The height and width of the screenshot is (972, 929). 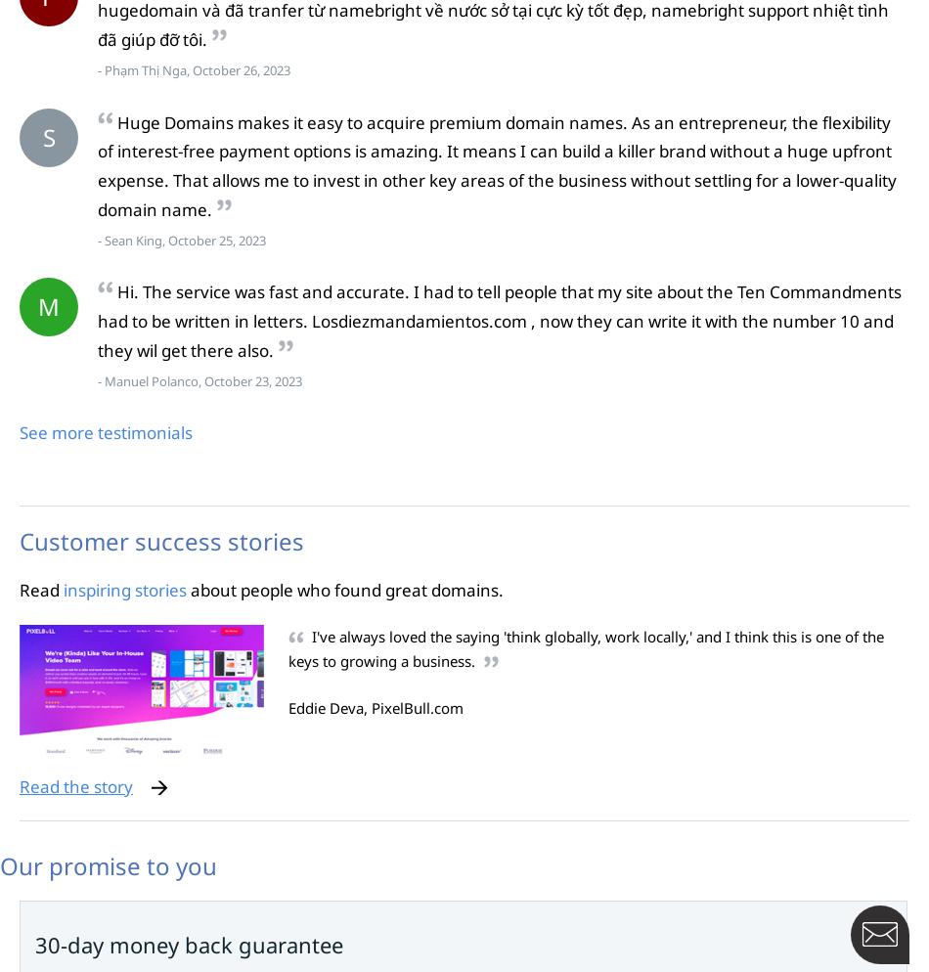 What do you see at coordinates (98, 320) in the screenshot?
I see `'Hi. The service was fast and accurate.
I had to tell people that my site about the Ten Commandments had to be written in letters. Losdiezmandamientos.com , now they can write it with the number 10 and they wil get there also.'` at bounding box center [98, 320].